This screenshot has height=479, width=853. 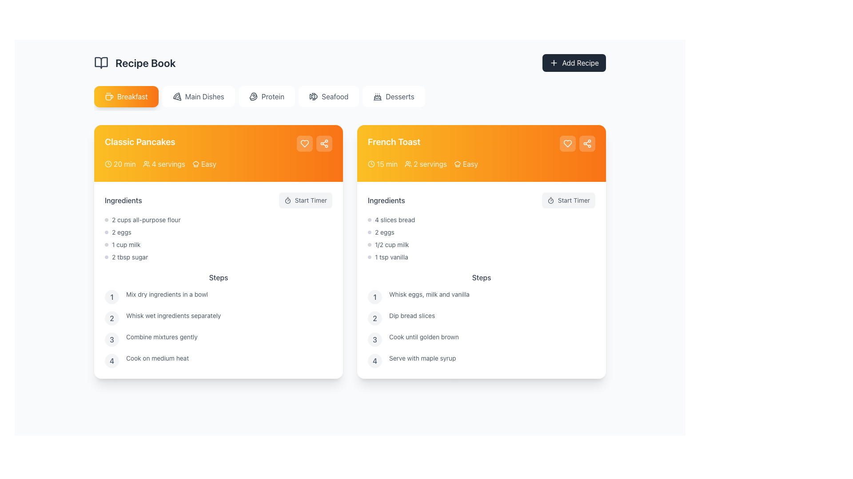 I want to click on the Text label indicating the number of servings for the recipe, which is positioned between a '20 min' label with a clock icon and an 'Easy' label with a hat icon in the orange header of the 'Classic Pancakes' card, so click(x=164, y=164).